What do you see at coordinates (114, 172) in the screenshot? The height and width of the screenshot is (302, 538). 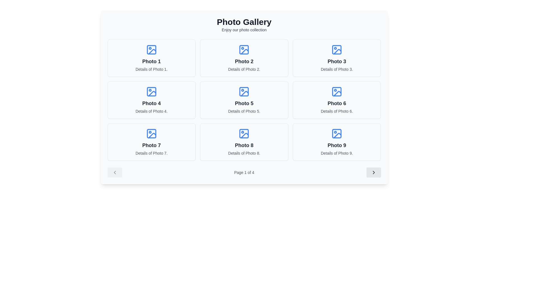 I see `the backward navigation SVG Icon located at the bottom-left corner of the interface` at bounding box center [114, 172].